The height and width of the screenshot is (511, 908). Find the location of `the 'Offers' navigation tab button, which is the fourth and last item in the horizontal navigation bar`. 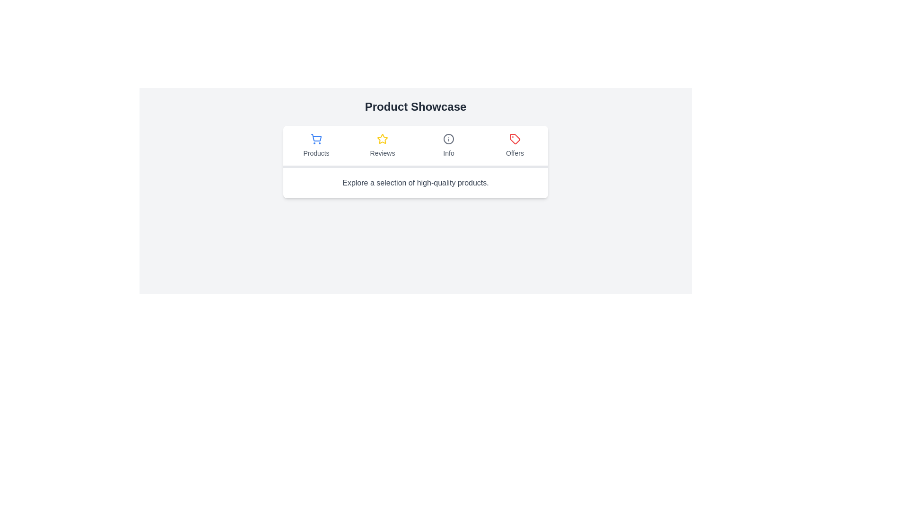

the 'Offers' navigation tab button, which is the fourth and last item in the horizontal navigation bar is located at coordinates (515, 146).